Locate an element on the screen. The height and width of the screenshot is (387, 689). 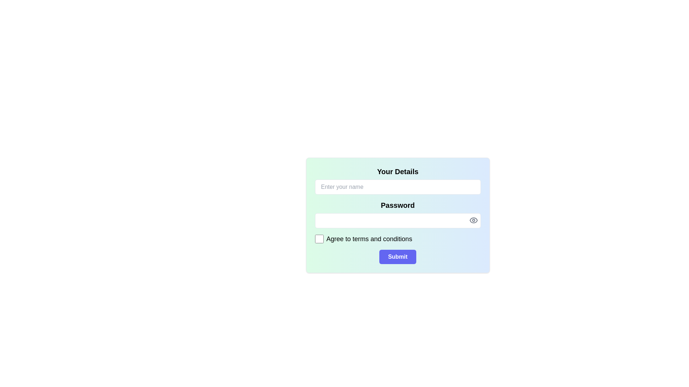
the password label, which is centrally located above the password input field and below the 'Your Details' label in the form layout is located at coordinates (397, 205).